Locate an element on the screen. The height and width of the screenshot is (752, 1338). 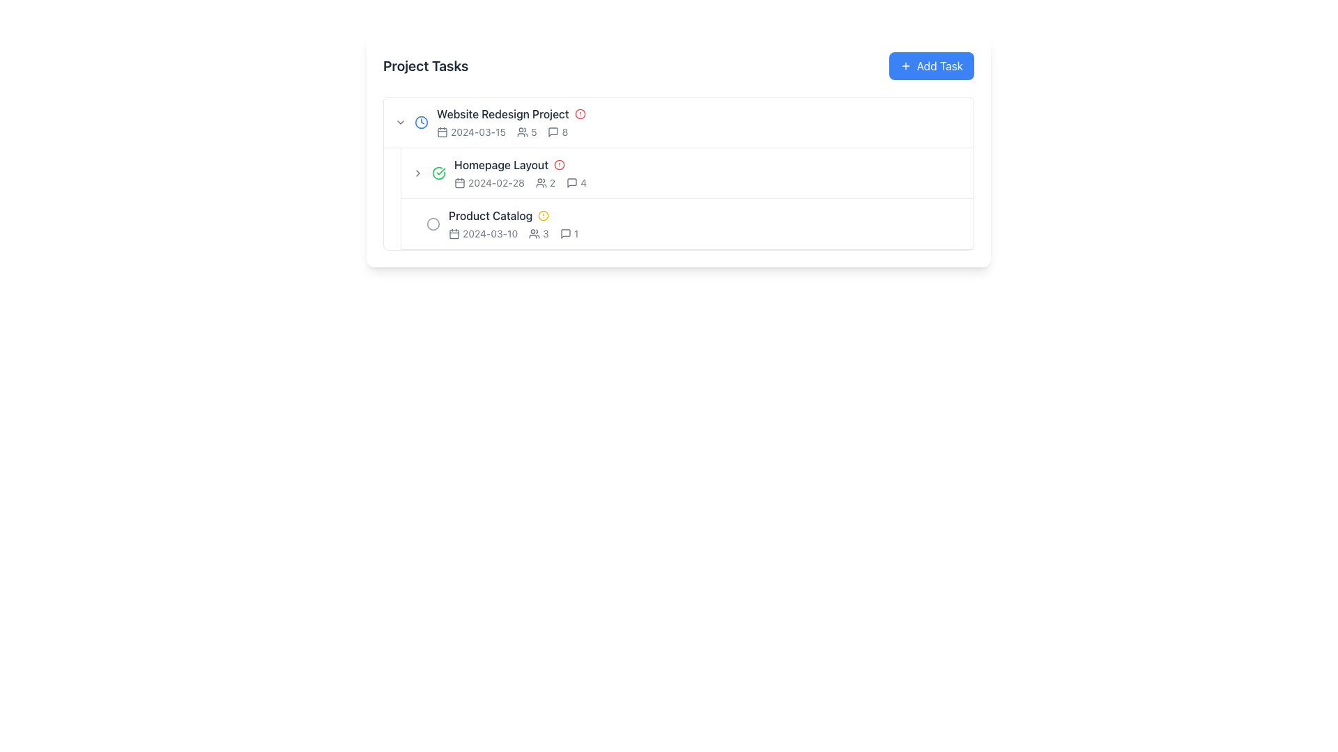
the icon representing two stylized human figures located next to the number '2' in the 'Homepage Layout' task row is located at coordinates (540, 182).